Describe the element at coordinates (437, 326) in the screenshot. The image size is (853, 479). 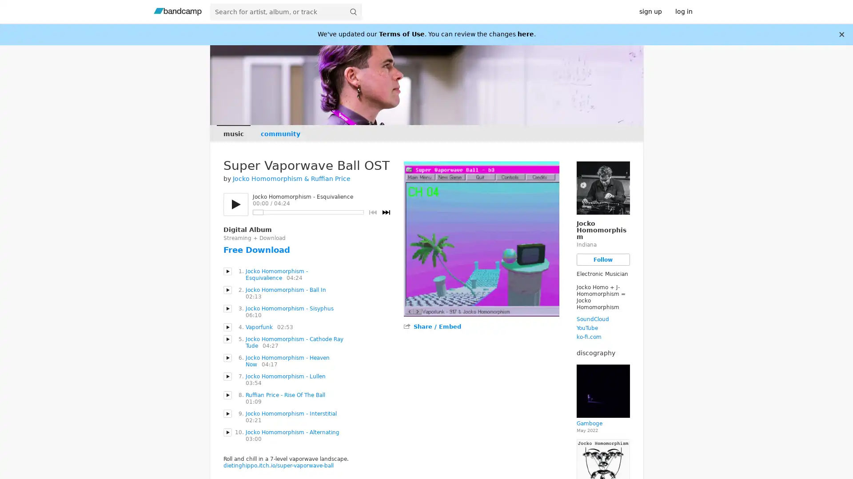
I see `Share / Embed` at that location.